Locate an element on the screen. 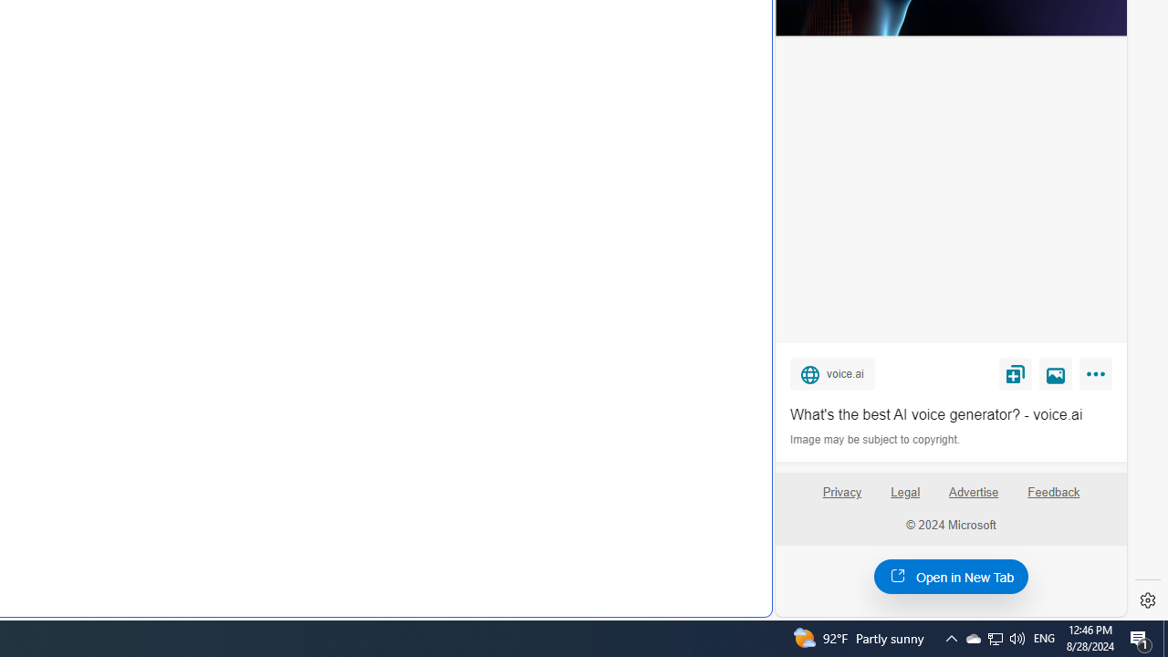 This screenshot has width=1168, height=657. 'Open in New Tab' is located at coordinates (950, 576).